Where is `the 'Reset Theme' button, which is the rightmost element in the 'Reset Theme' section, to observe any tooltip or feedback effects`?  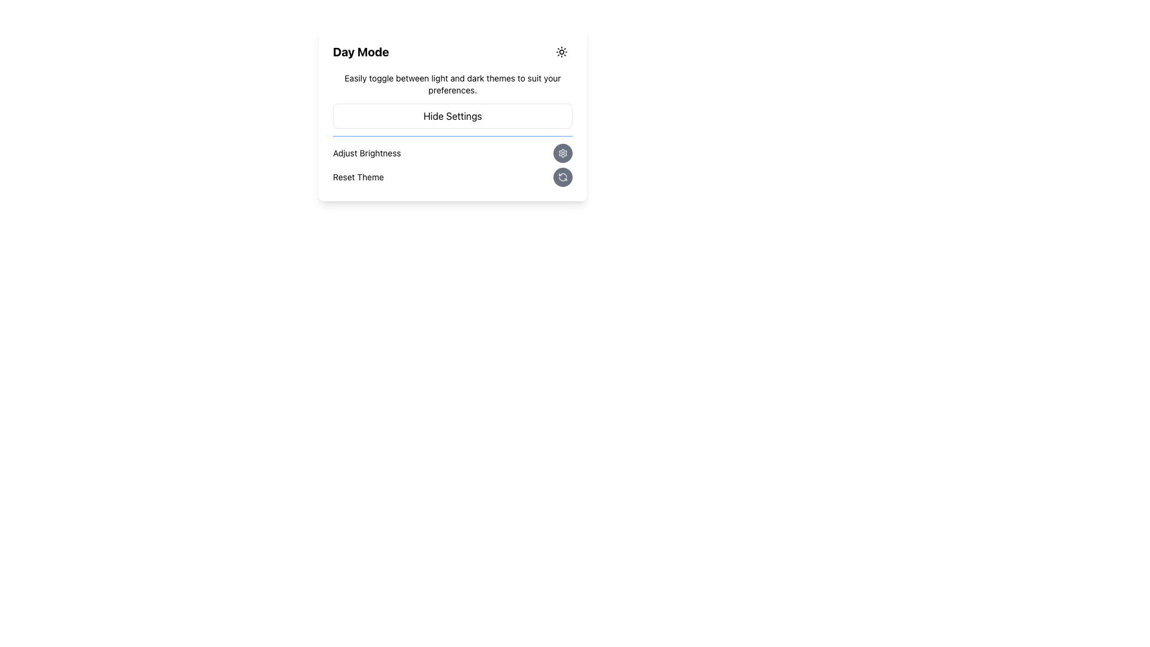 the 'Reset Theme' button, which is the rightmost element in the 'Reset Theme' section, to observe any tooltip or feedback effects is located at coordinates (562, 177).